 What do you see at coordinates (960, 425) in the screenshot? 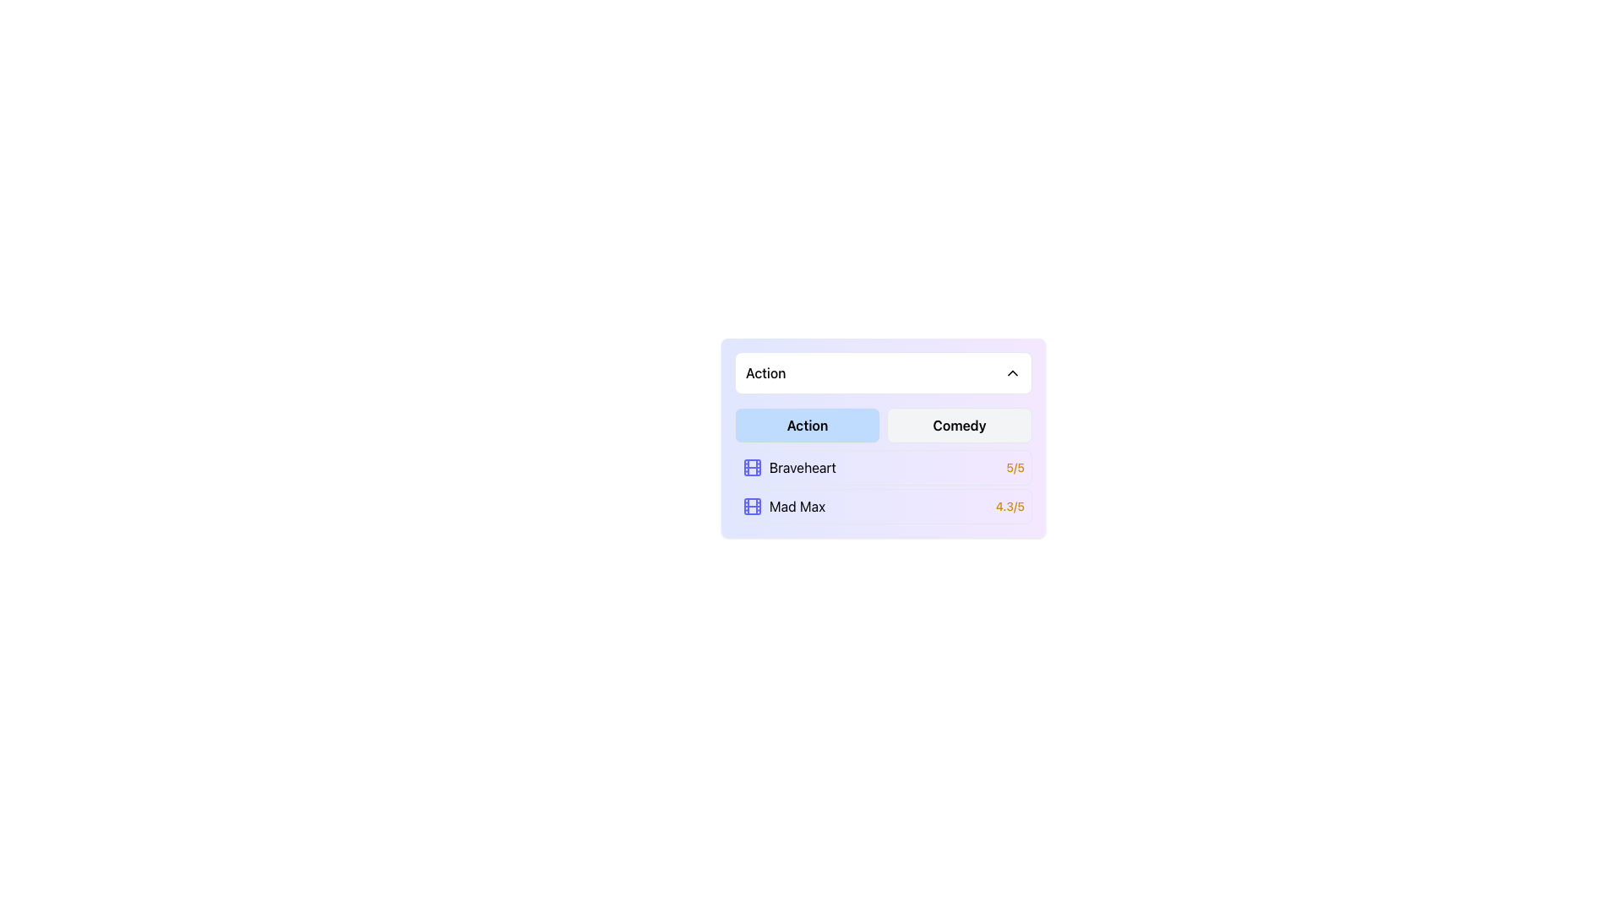
I see `the button labeled 'Comedy' which is the second button in a horizontal list under the 'Action' dropdown` at bounding box center [960, 425].